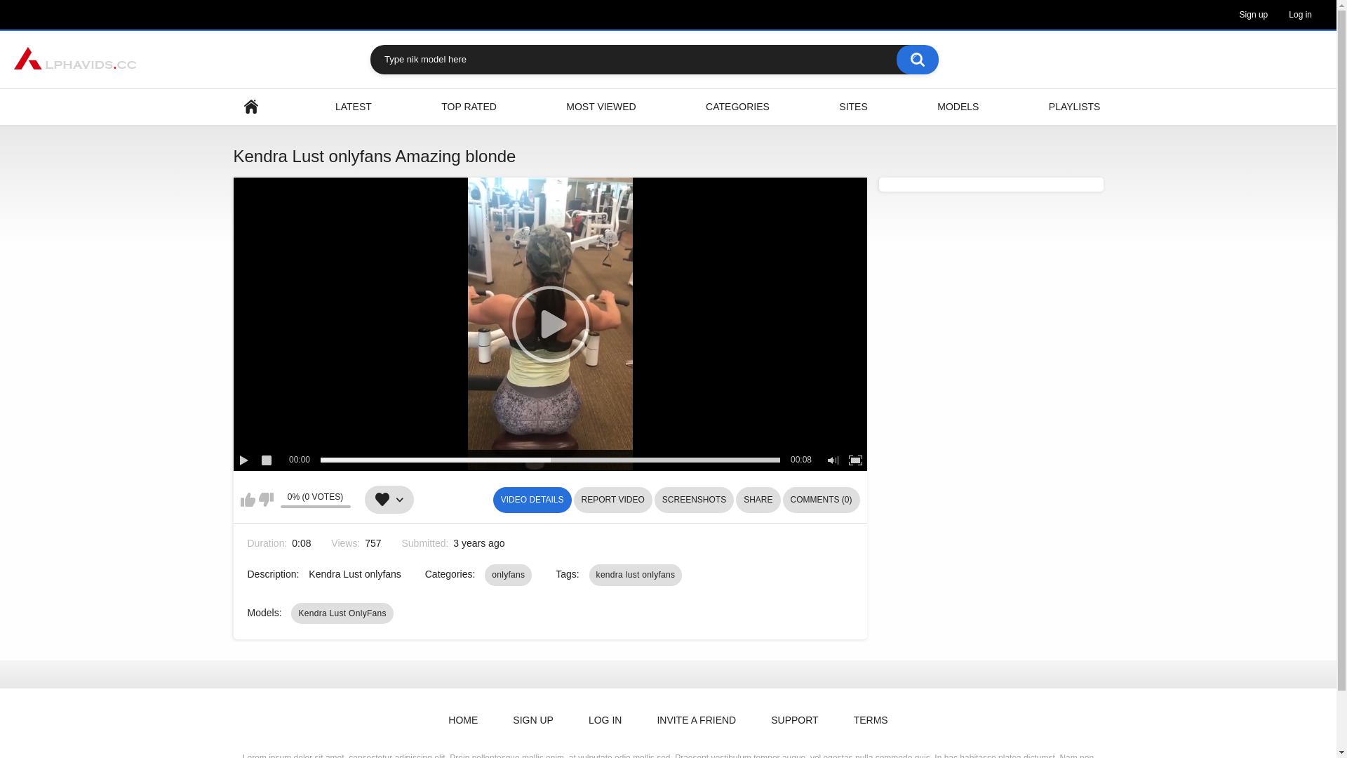 This screenshot has height=758, width=1347. What do you see at coordinates (653, 499) in the screenshot?
I see `'SCREENSHOTS'` at bounding box center [653, 499].